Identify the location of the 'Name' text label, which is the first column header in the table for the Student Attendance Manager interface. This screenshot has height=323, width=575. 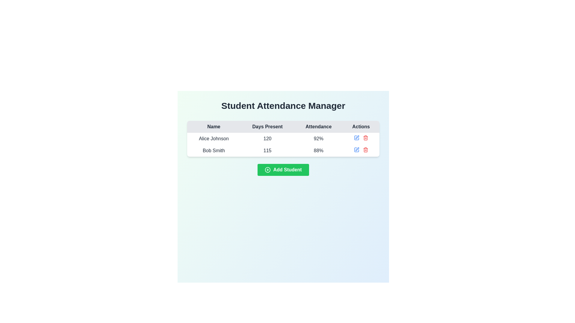
(214, 127).